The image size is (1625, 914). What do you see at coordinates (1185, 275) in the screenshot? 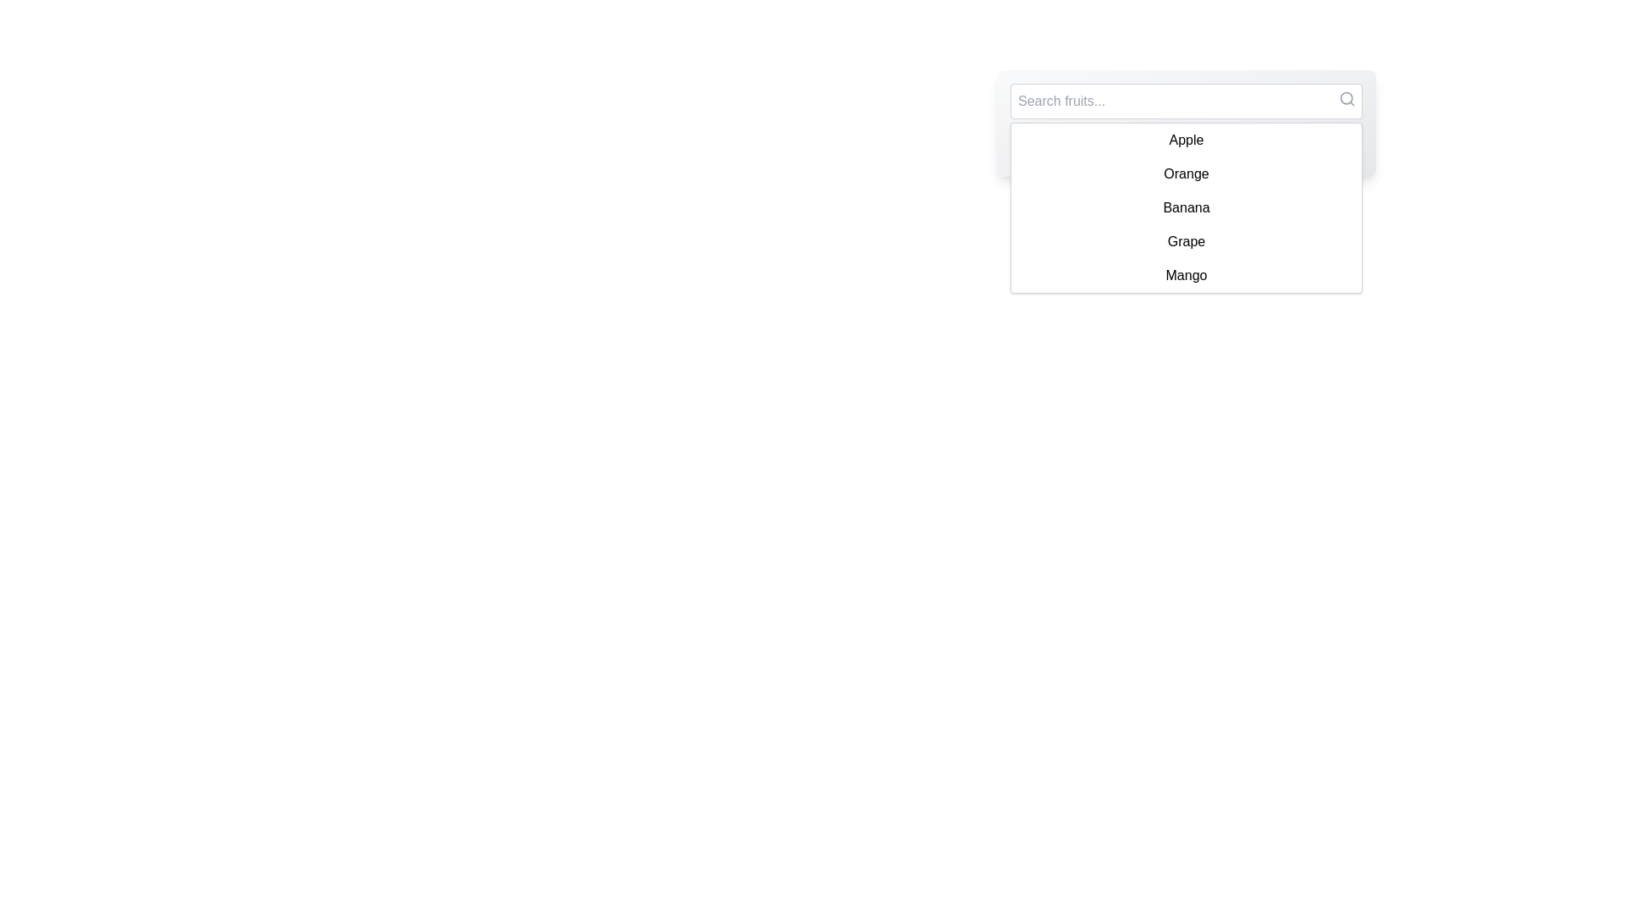
I see `the dropdown menu item labeled 'Mango'` at bounding box center [1185, 275].